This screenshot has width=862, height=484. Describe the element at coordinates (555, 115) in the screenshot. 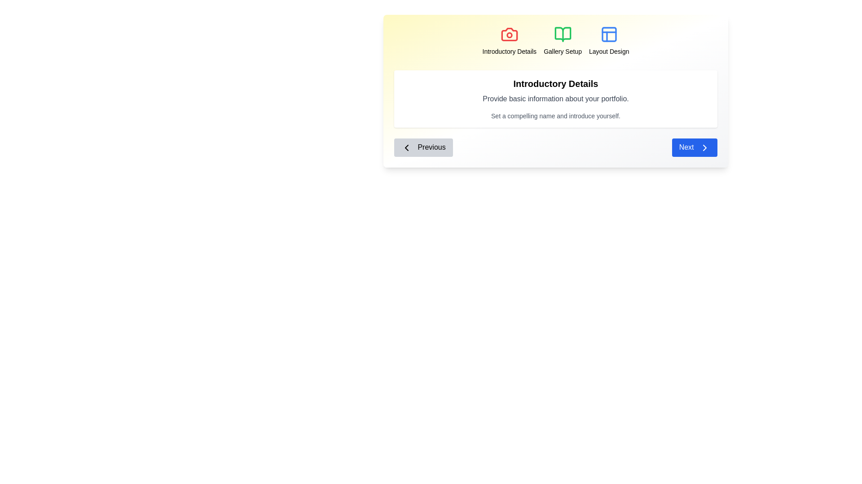

I see `the static text element that provides instructional guidance for setting a name and introducing oneself, located below the title 'Introductory Details' and the subtitle 'Provide basic information about your portfolio.'` at that location.